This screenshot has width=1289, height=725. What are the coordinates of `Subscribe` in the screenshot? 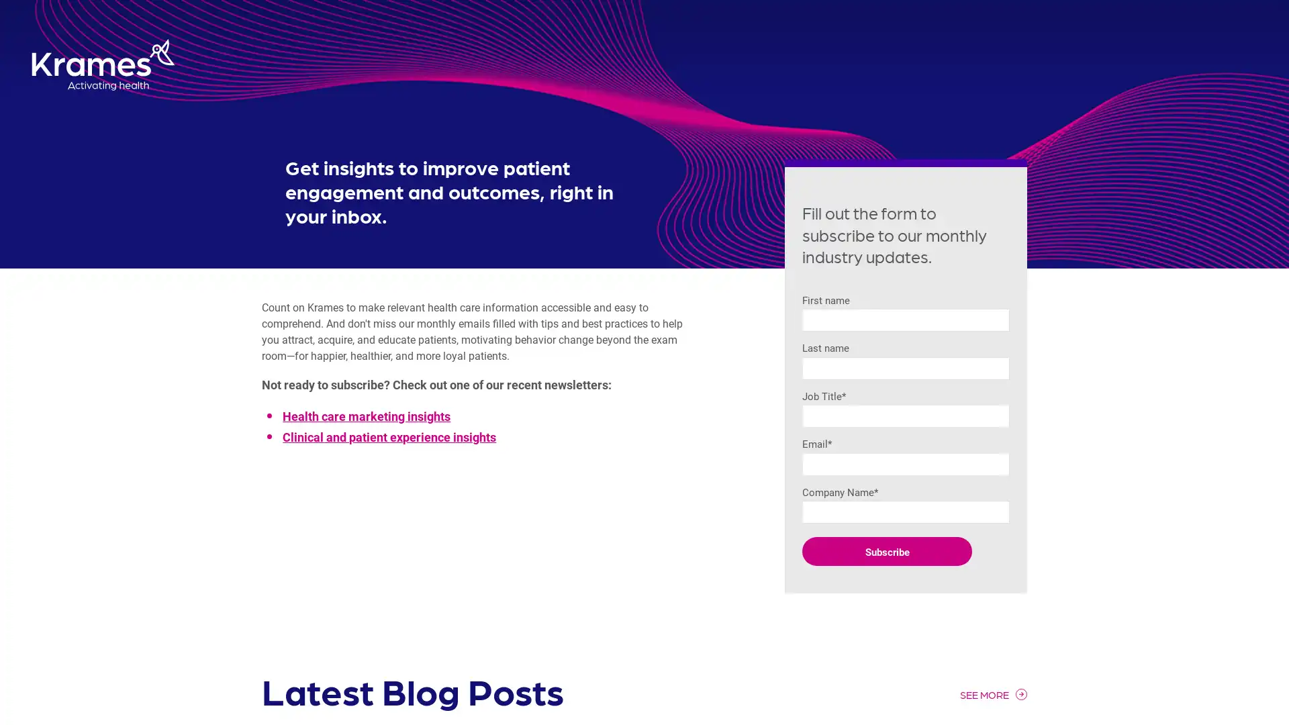 It's located at (887, 551).